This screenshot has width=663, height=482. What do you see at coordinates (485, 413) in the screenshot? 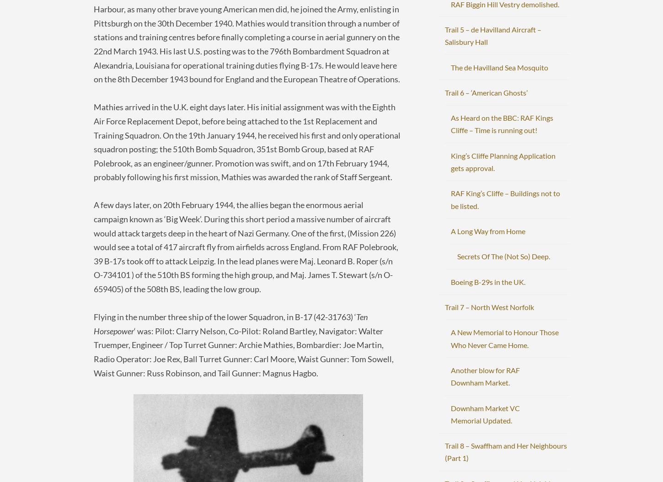
I see `'Downham Market VC Memorial Updated.'` at bounding box center [485, 413].